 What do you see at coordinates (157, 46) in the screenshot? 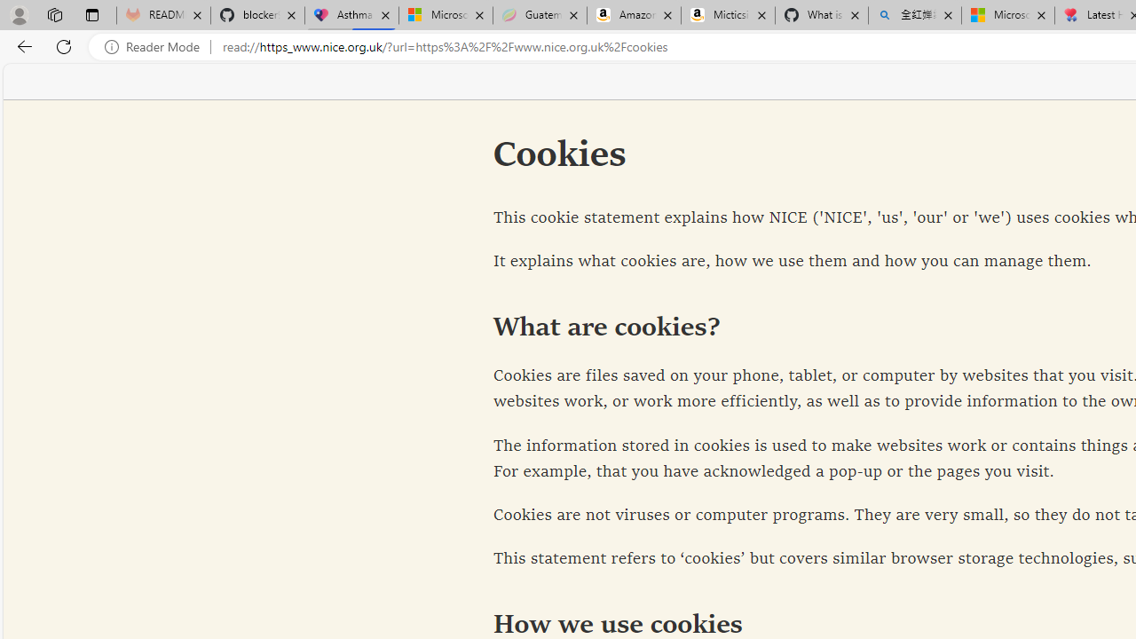
I see `'Reader Mode'` at bounding box center [157, 46].